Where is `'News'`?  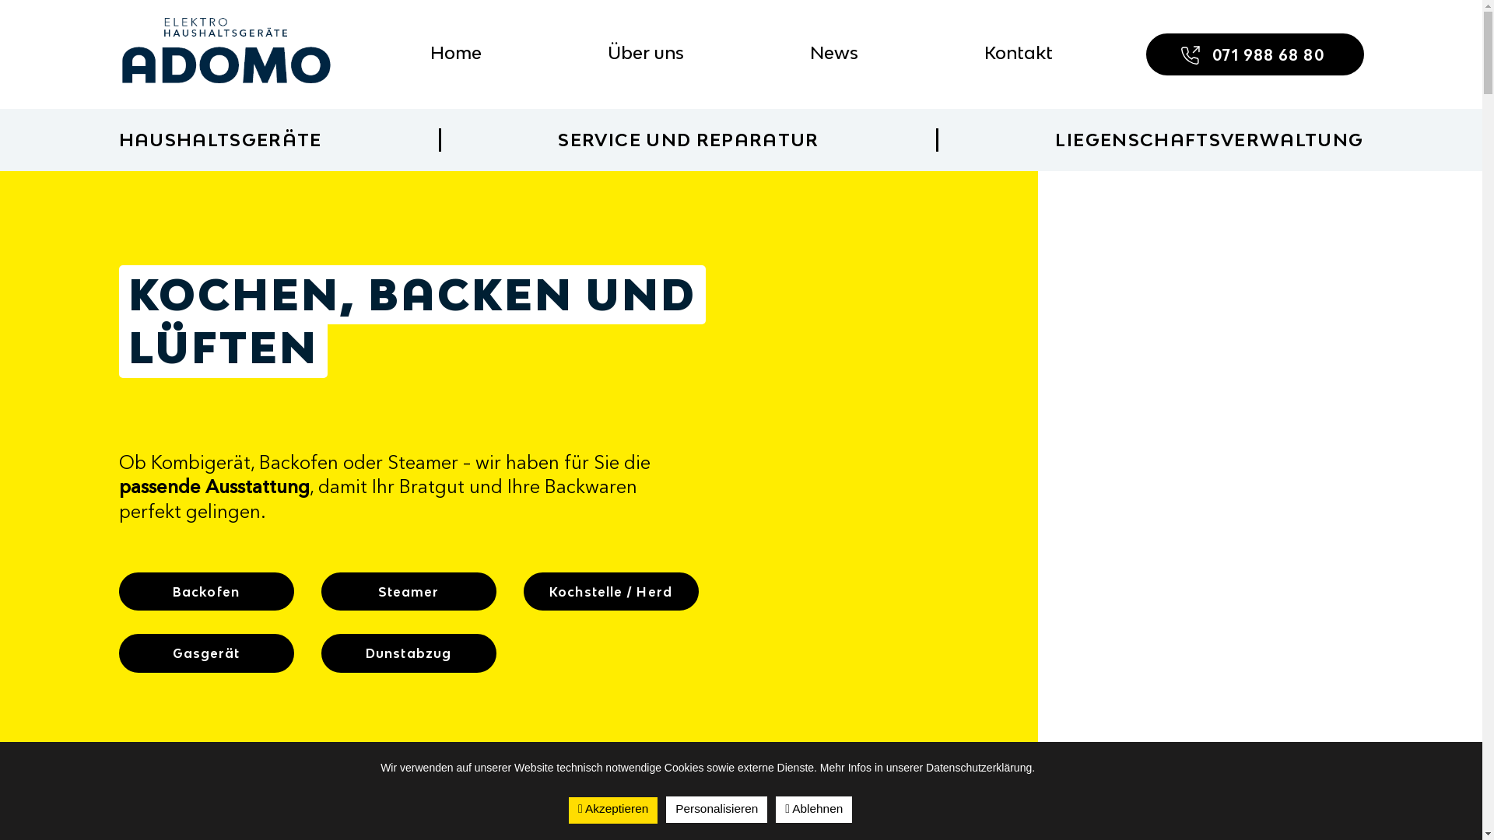
'News' is located at coordinates (832, 52).